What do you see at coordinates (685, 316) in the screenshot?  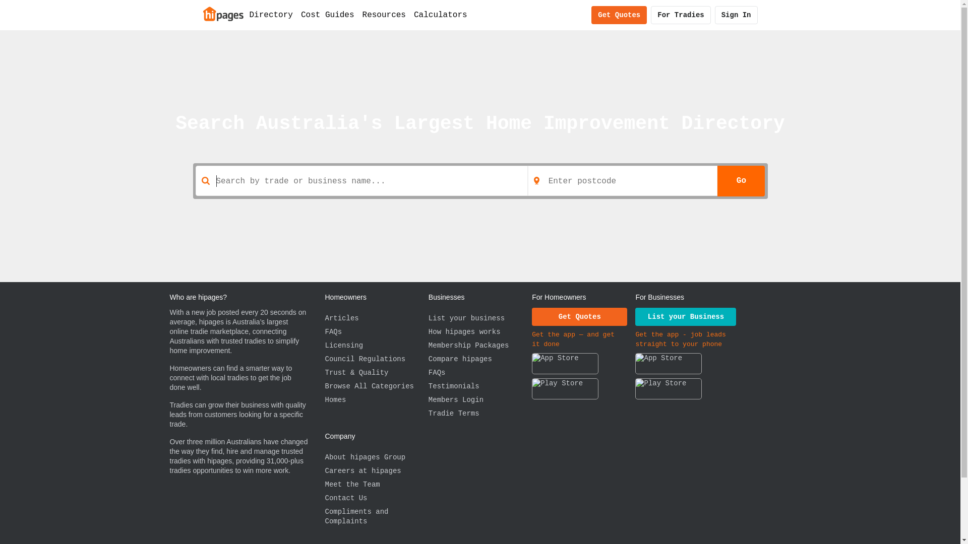 I see `'List your Business'` at bounding box center [685, 316].